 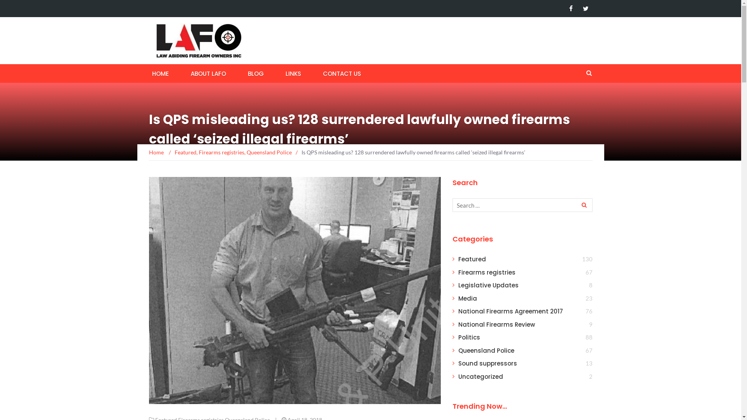 I want to click on 'Politics', so click(x=468, y=337).